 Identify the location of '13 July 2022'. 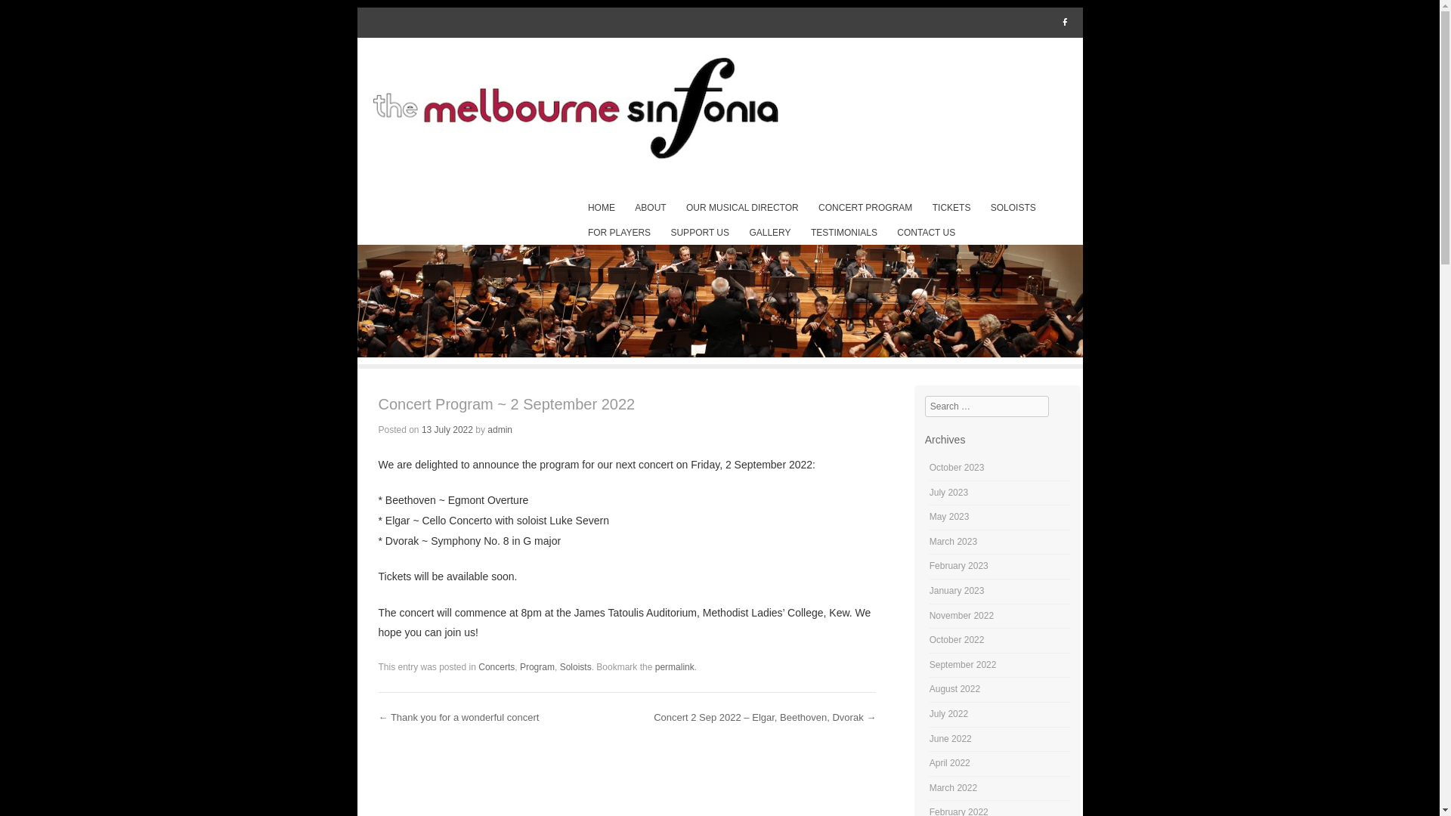
(446, 430).